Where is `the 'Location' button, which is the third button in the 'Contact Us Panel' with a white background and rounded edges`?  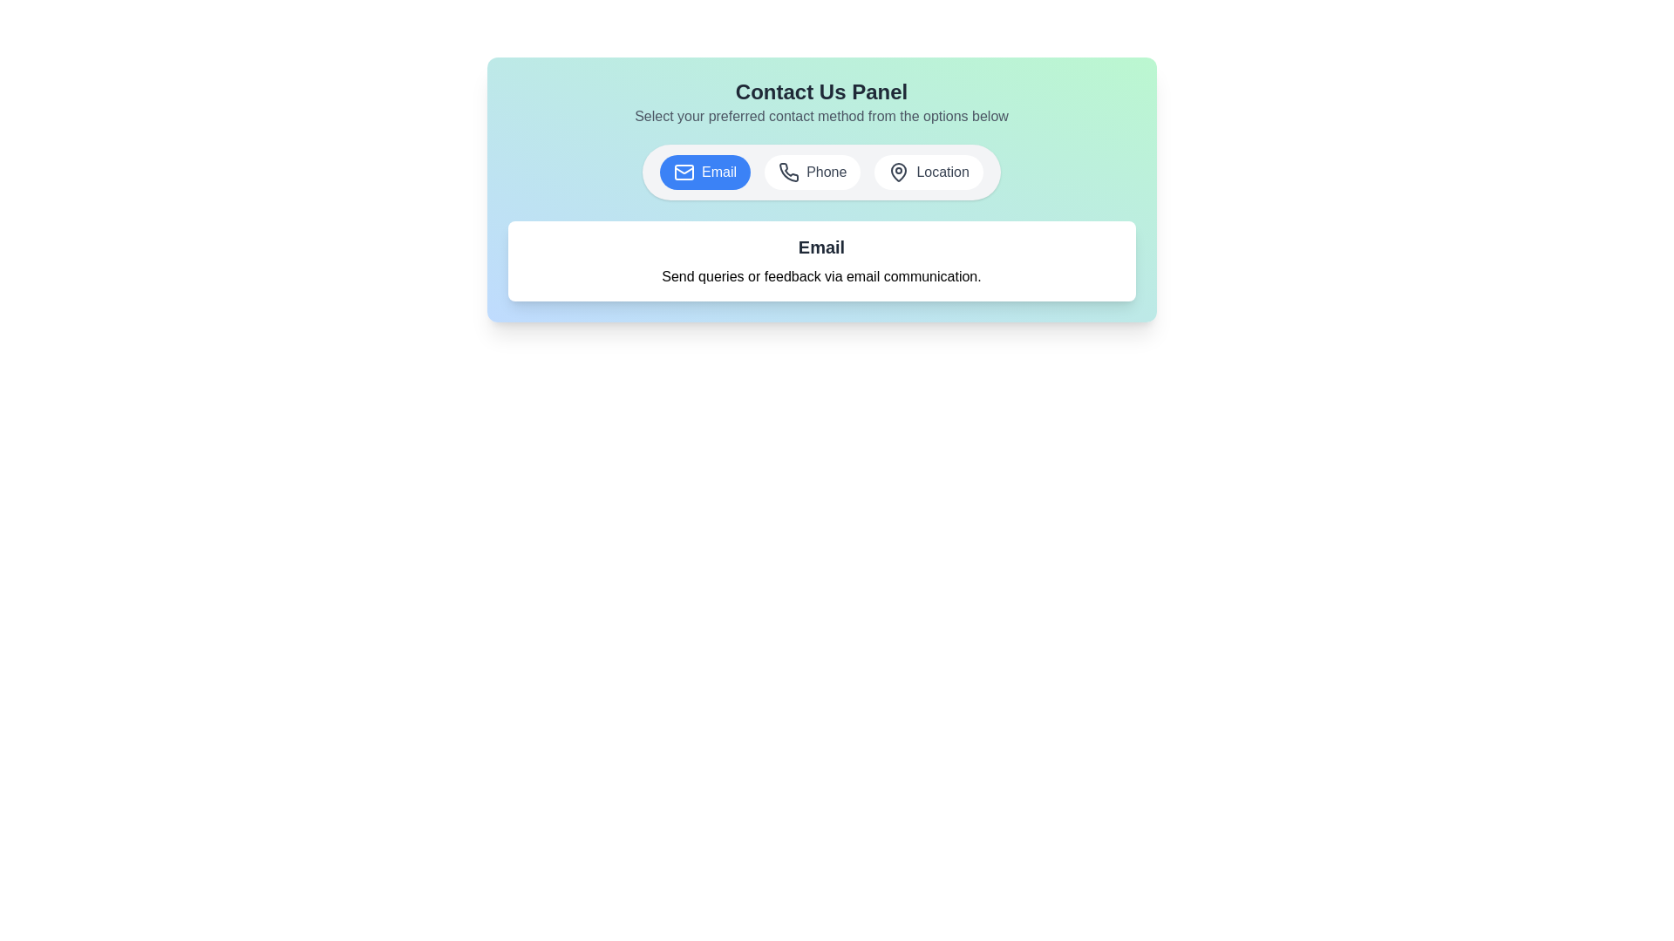 the 'Location' button, which is the third button in the 'Contact Us Panel' with a white background and rounded edges is located at coordinates (928, 172).